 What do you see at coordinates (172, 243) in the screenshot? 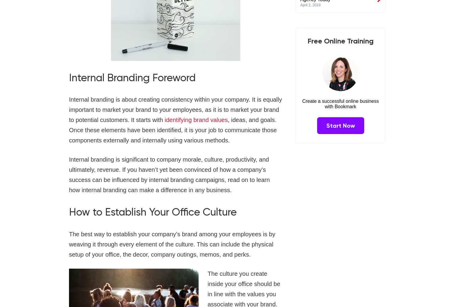
I see `'The best way to establish your company’s brand among your employees is by weaving it through every element of the culture. This can include the physical setup of your office, the decor, company outings, memos, and perks.'` at bounding box center [172, 243].